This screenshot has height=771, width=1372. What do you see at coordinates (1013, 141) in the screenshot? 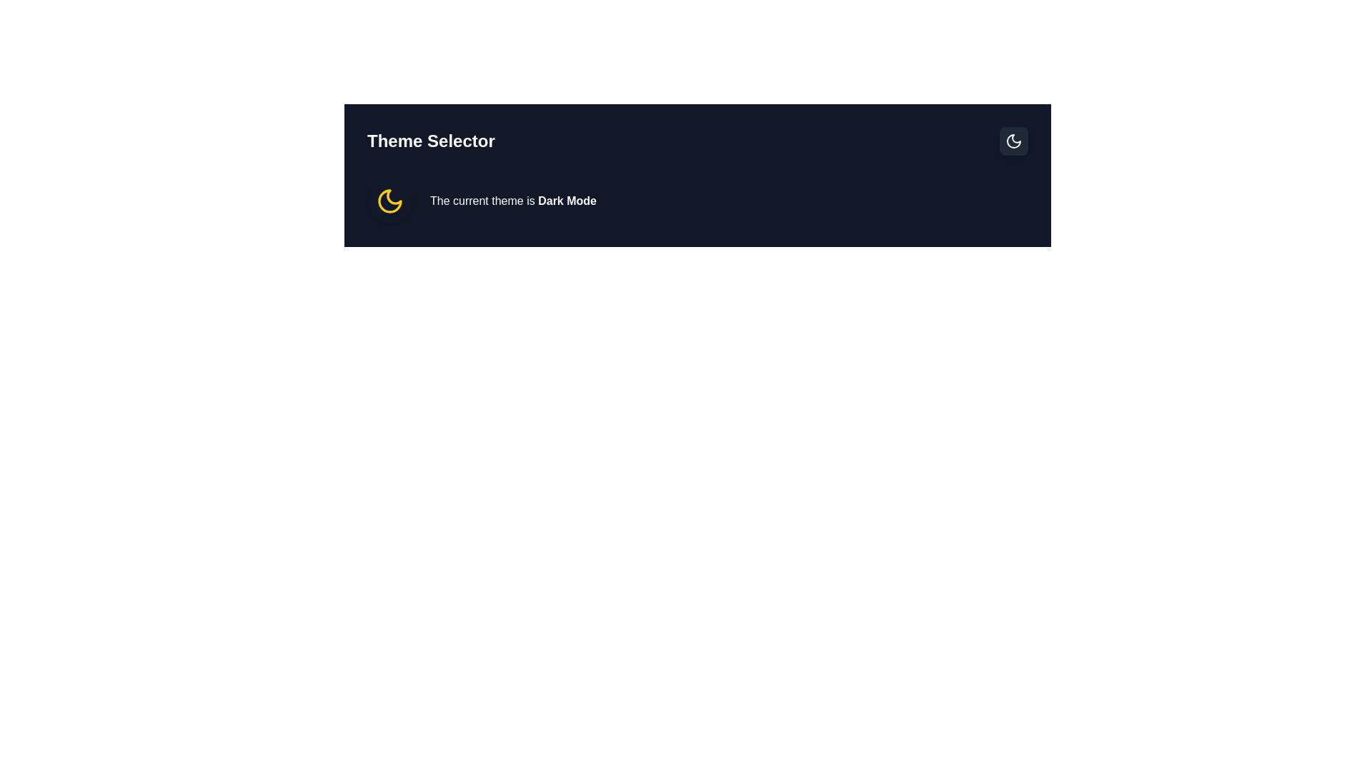
I see `the Vector graphical icon representing 'Dark Mode' located to the left of the text 'The current theme is Dark Mode' in the top-left corner of the interface` at bounding box center [1013, 141].